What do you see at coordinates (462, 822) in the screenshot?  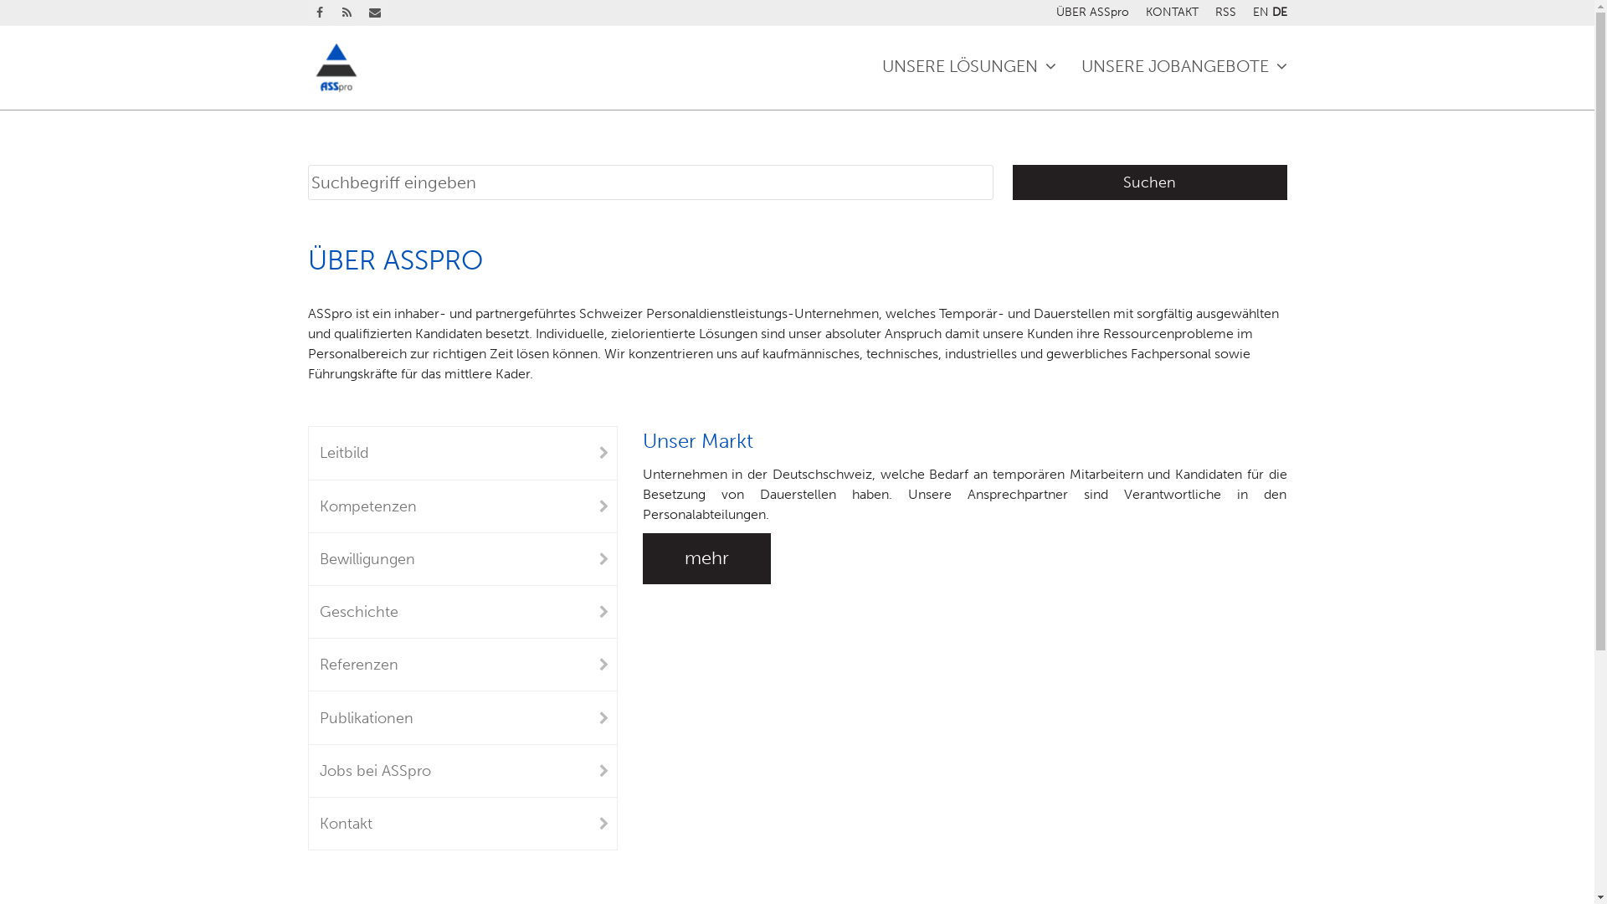 I see `'Kontakt'` at bounding box center [462, 822].